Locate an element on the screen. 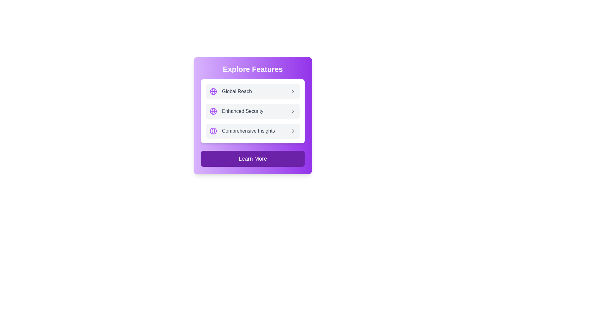 The width and height of the screenshot is (592, 333). first interactive list item titled 'Global Reach' with a purple globe icon and right-arrow icon for attributes is located at coordinates (253, 92).